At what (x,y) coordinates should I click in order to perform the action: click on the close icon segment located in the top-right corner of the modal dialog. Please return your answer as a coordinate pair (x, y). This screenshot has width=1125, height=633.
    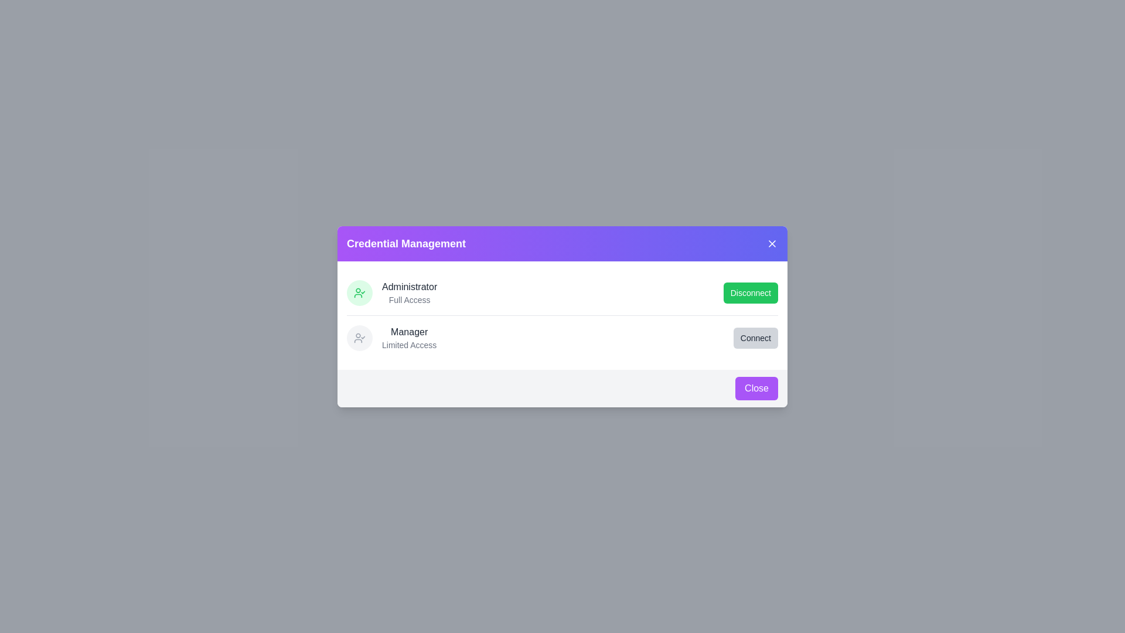
    Looking at the image, I should click on (772, 243).